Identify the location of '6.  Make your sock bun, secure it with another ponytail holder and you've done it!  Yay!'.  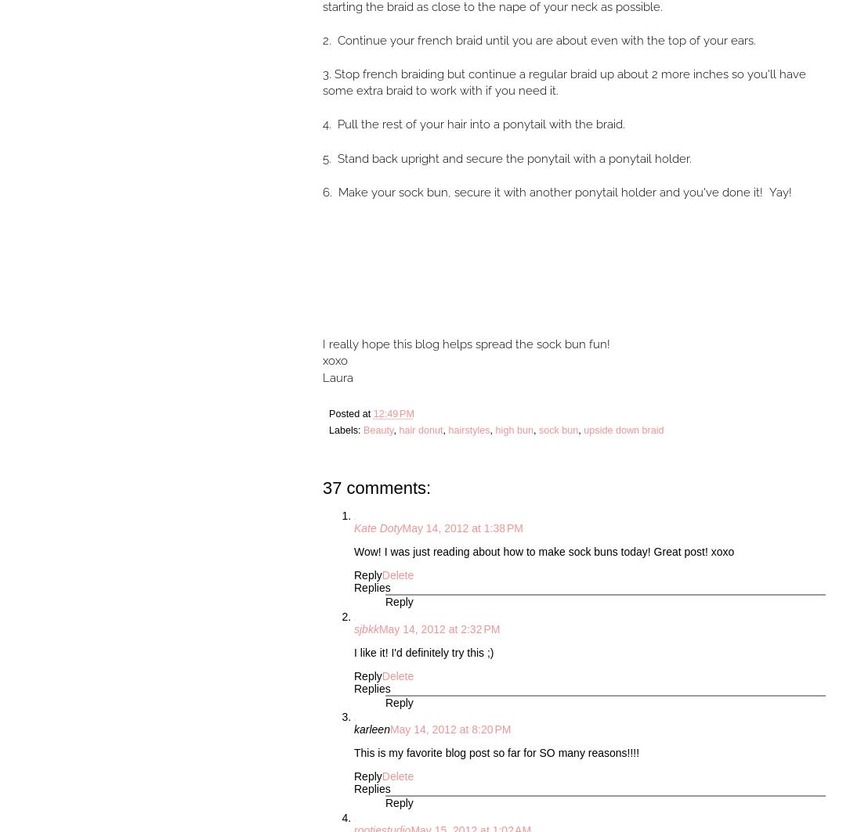
(556, 192).